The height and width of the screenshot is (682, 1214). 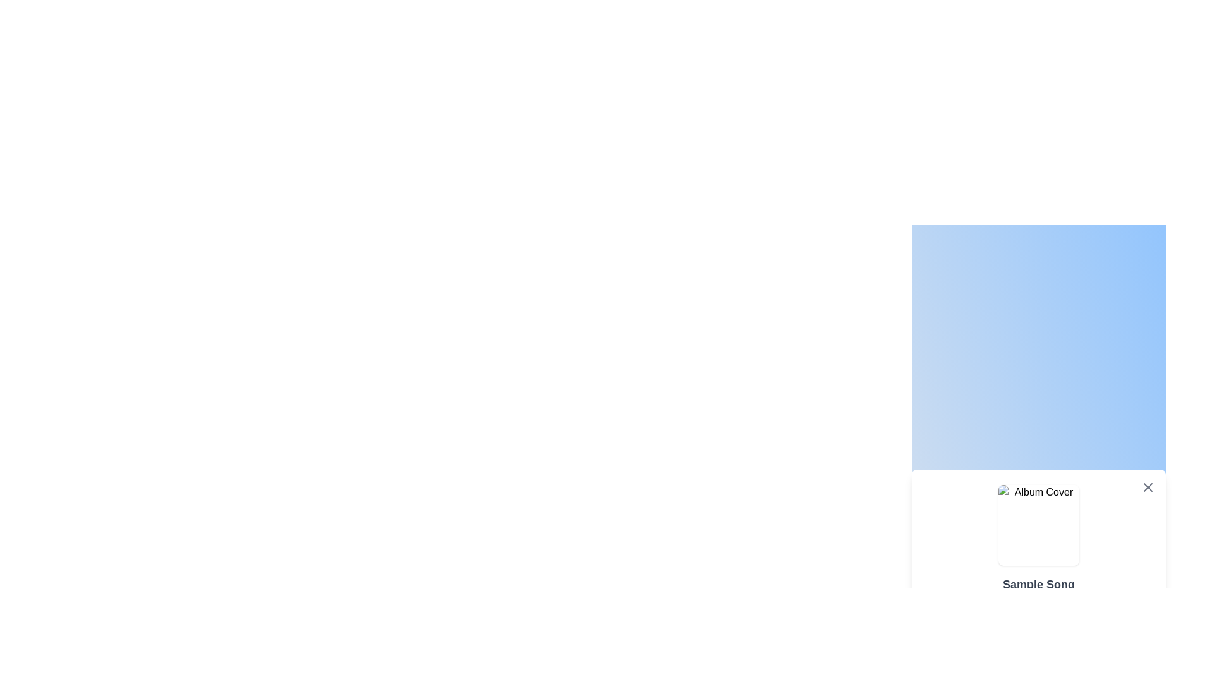 I want to click on the close button located at the top-right corner of the dialog, so click(x=1148, y=486).